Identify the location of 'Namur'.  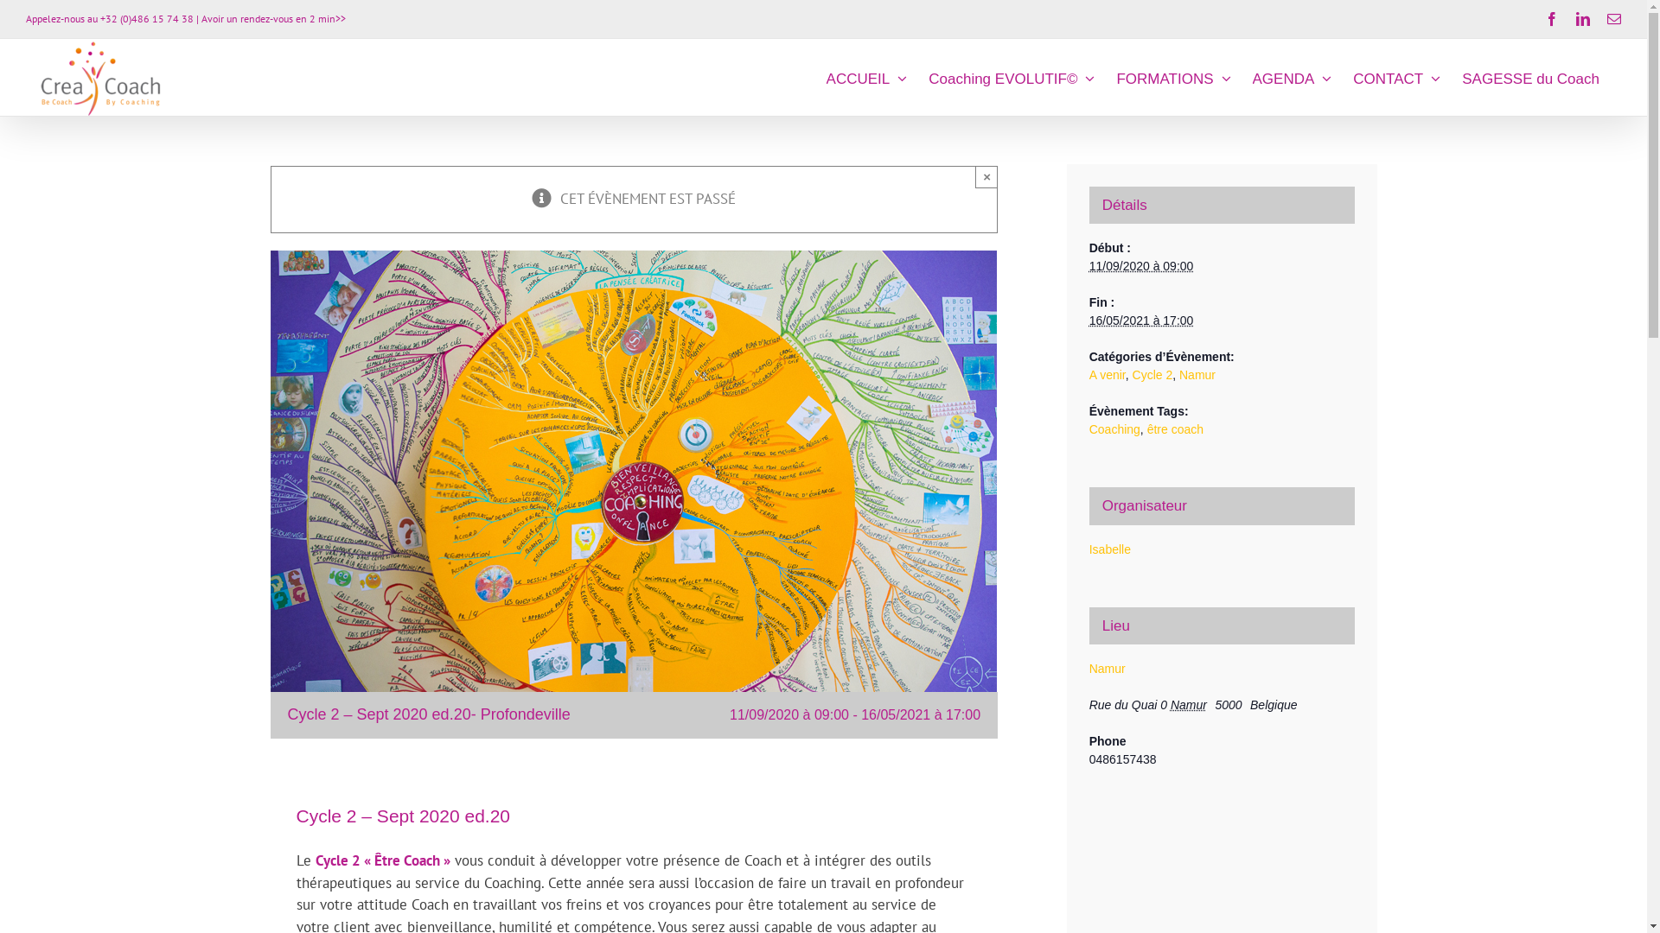
(1197, 374).